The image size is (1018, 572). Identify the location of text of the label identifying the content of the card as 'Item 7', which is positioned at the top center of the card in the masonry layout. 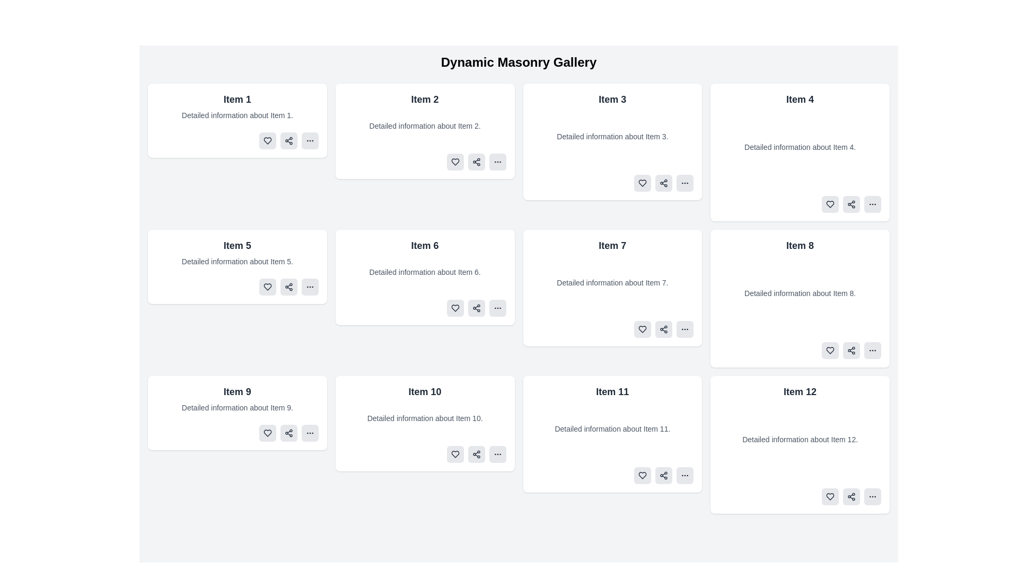
(612, 245).